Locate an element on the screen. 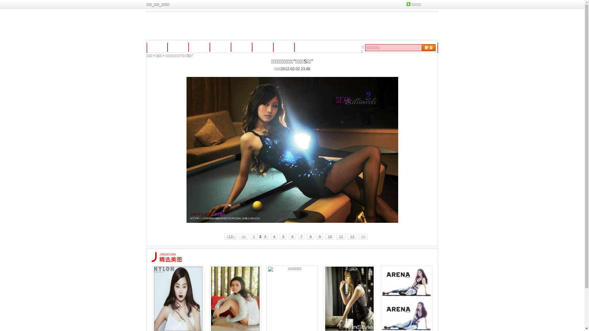 The image size is (589, 331). '8' is located at coordinates (310, 236).